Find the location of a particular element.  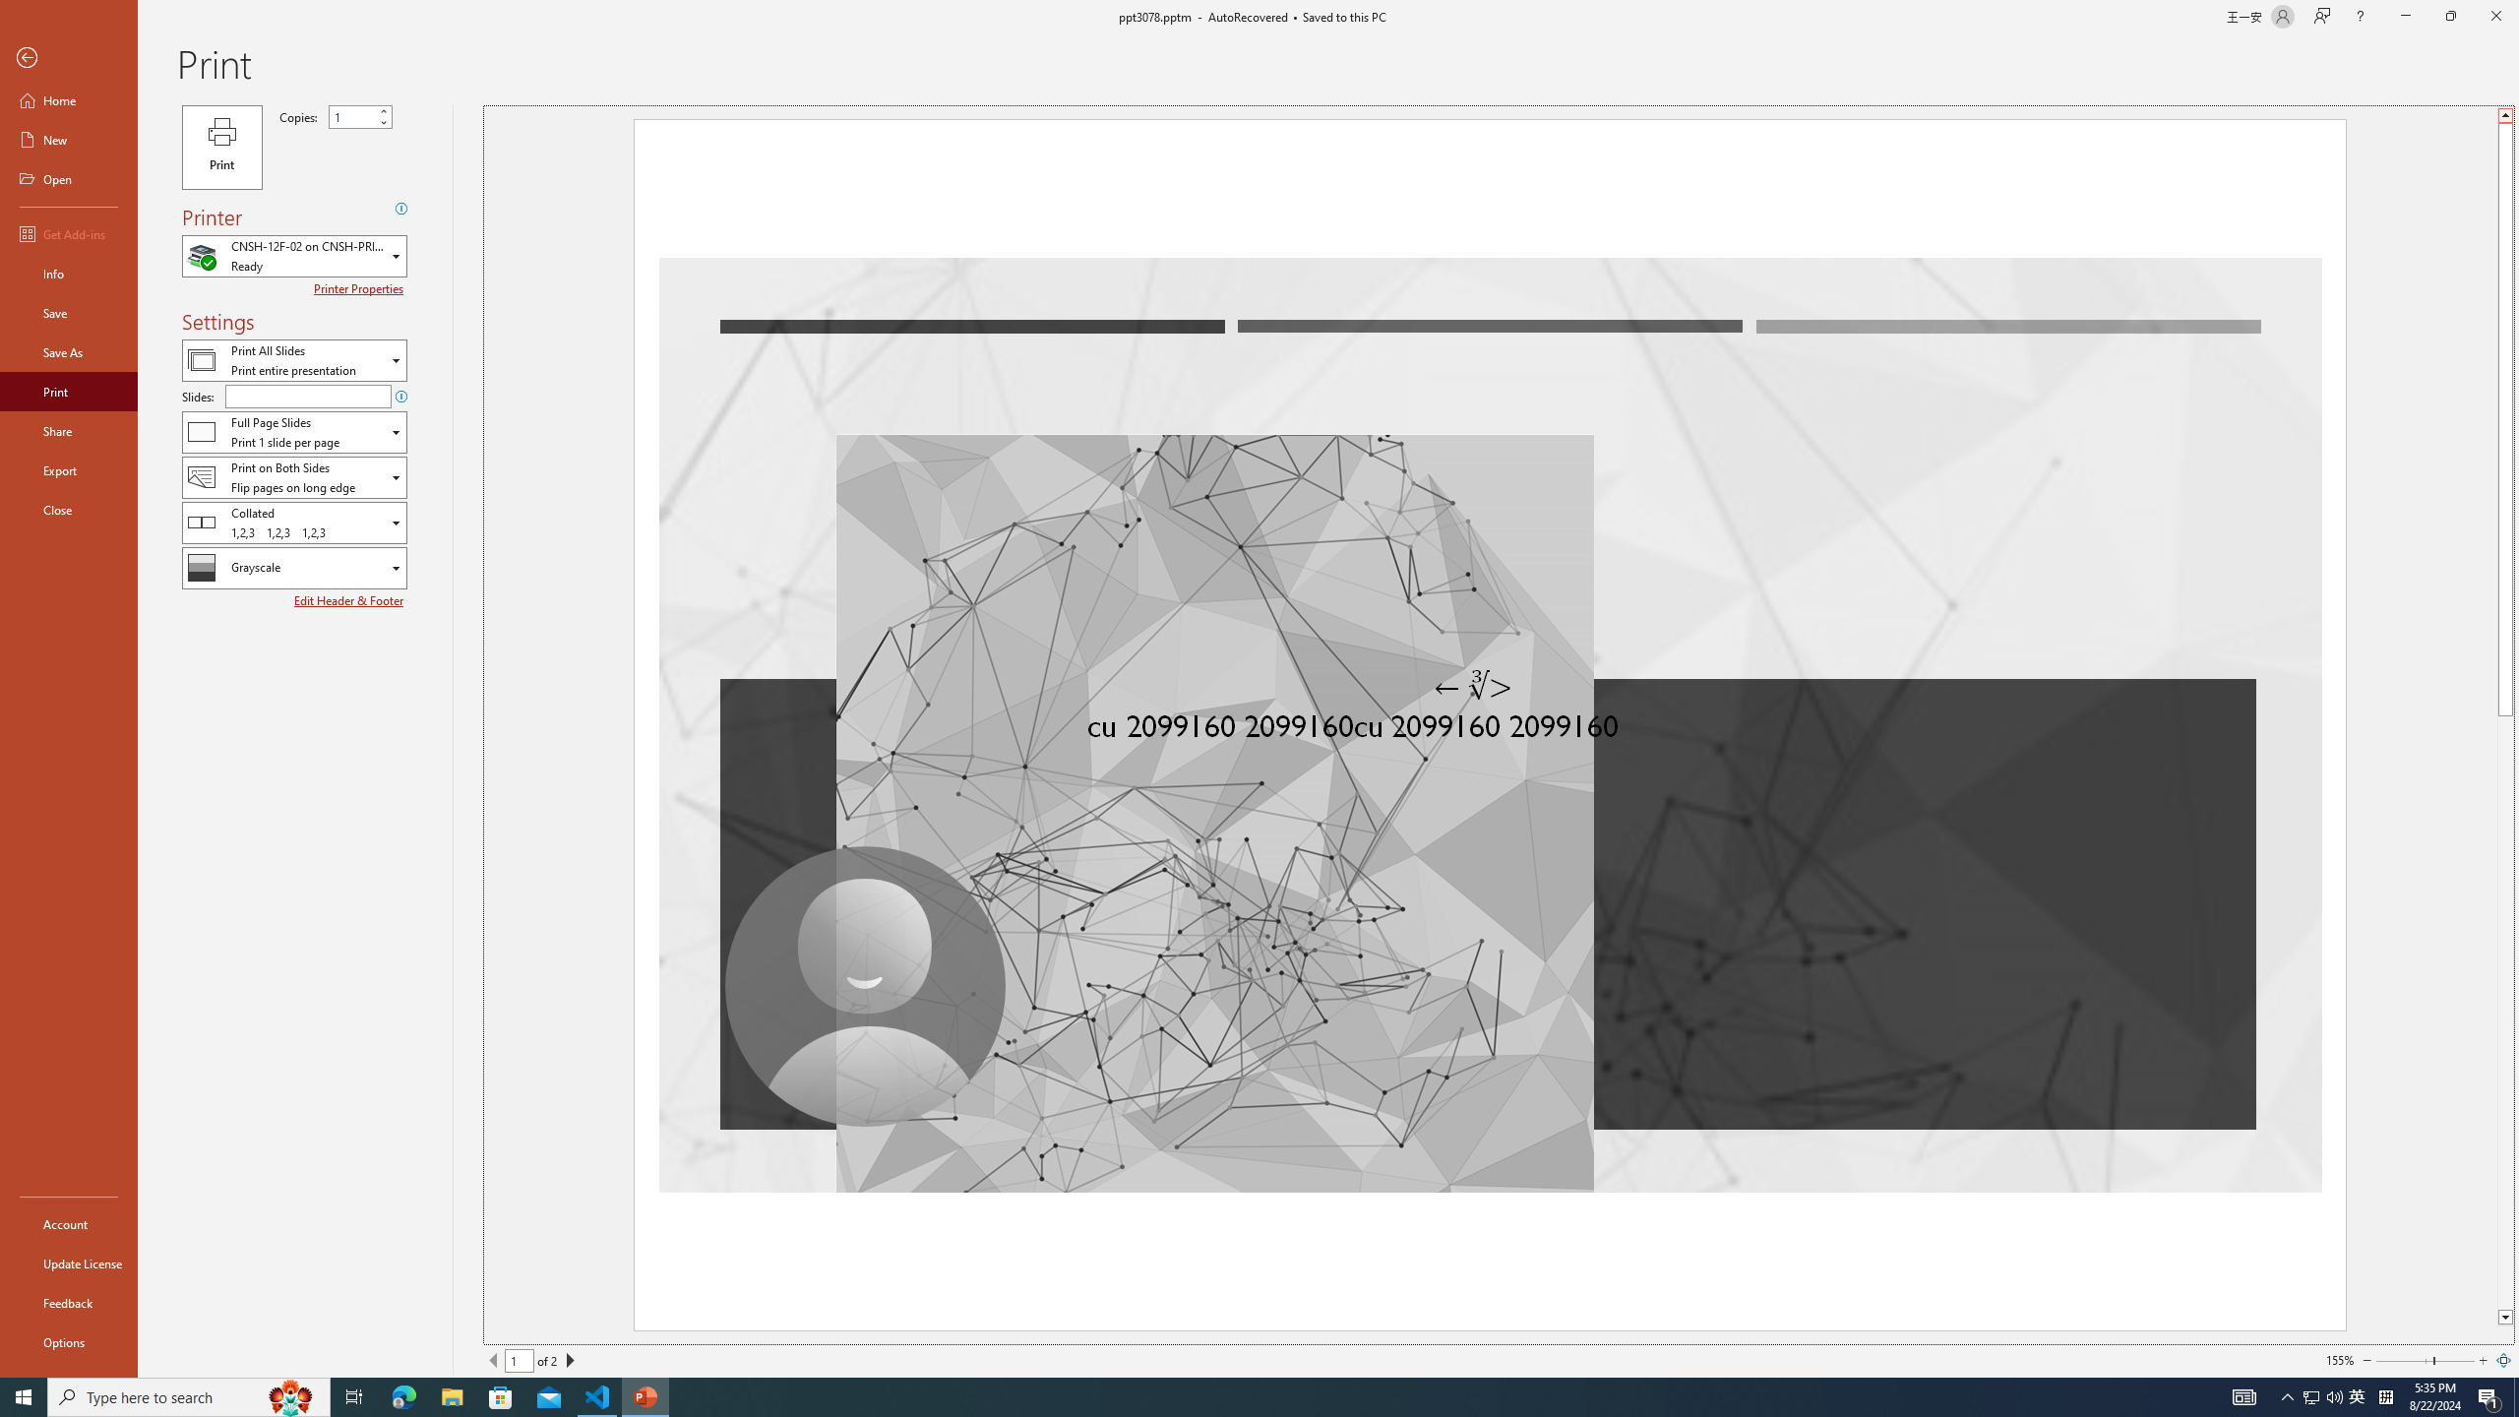

'Account' is located at coordinates (68, 1224).